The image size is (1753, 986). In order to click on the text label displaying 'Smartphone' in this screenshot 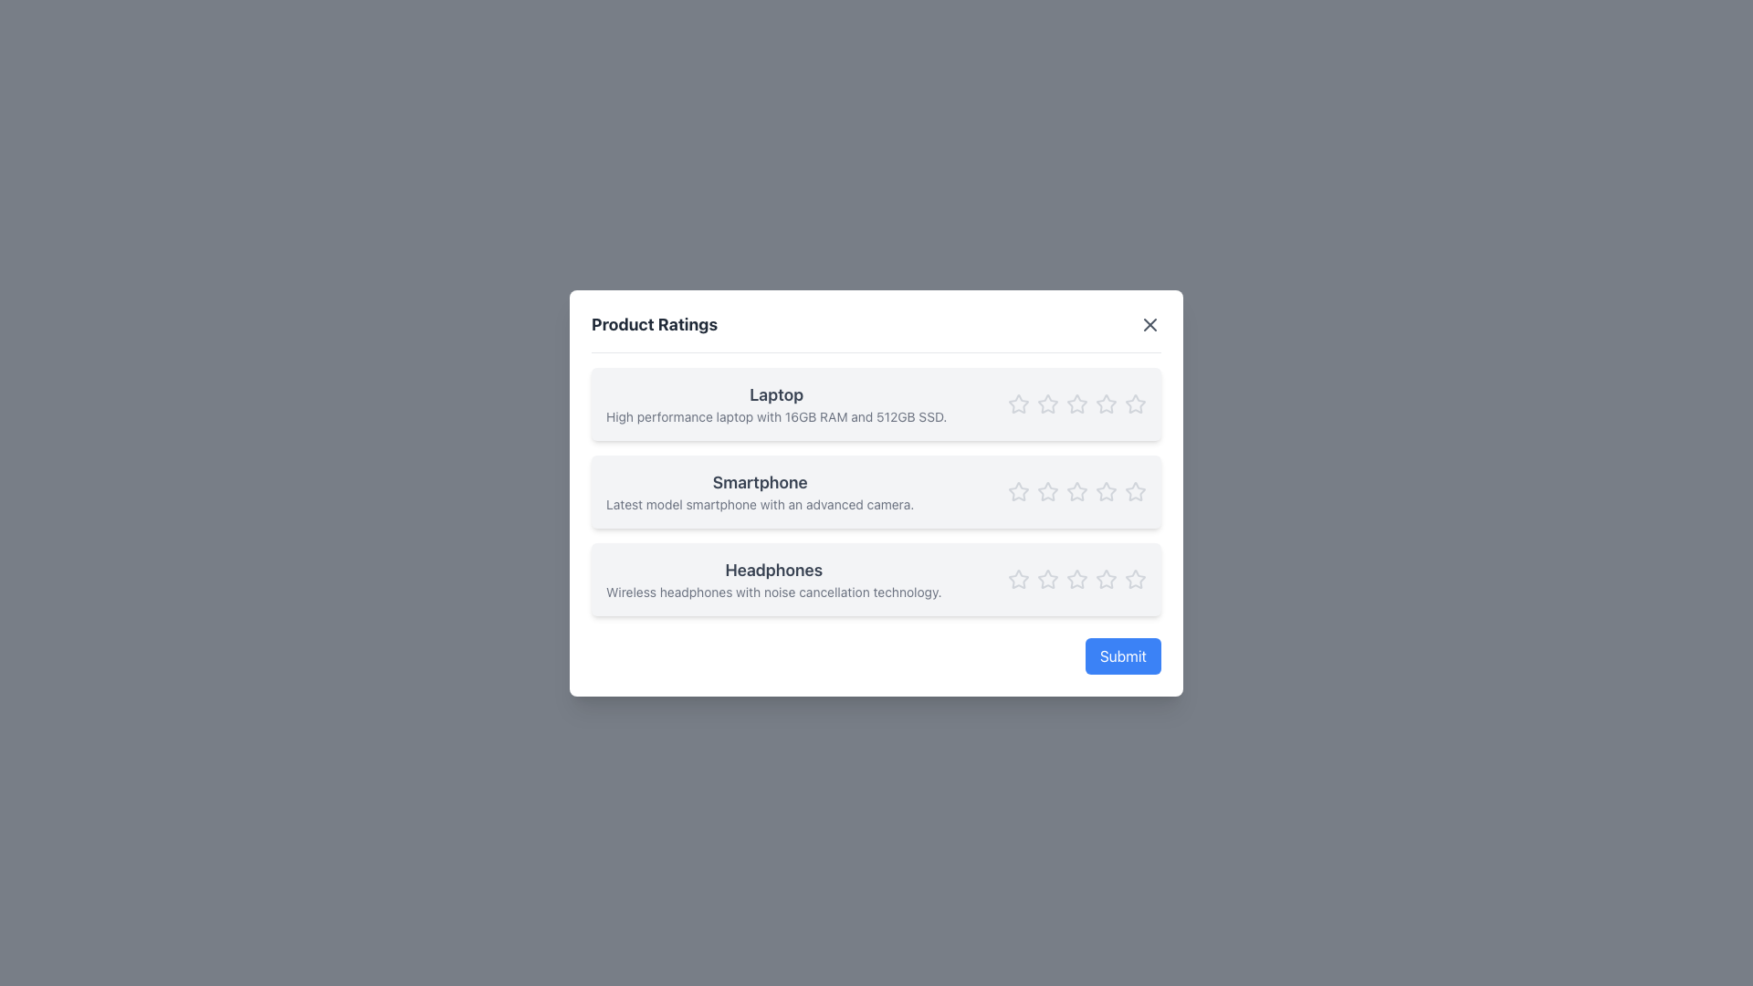, I will do `click(760, 481)`.